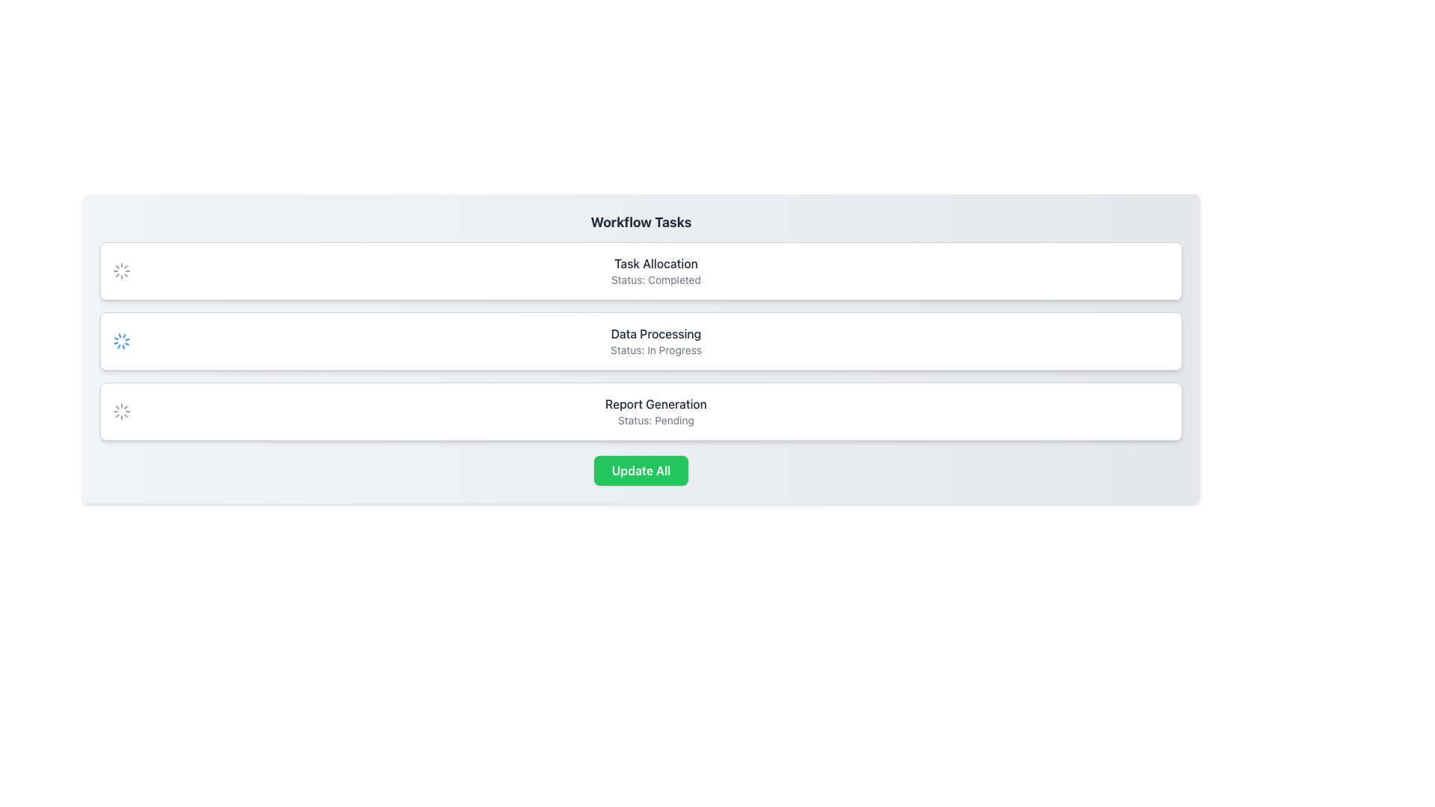 This screenshot has height=807, width=1435. Describe the element at coordinates (656, 333) in the screenshot. I see `the static text label 'Data Processing'` at that location.